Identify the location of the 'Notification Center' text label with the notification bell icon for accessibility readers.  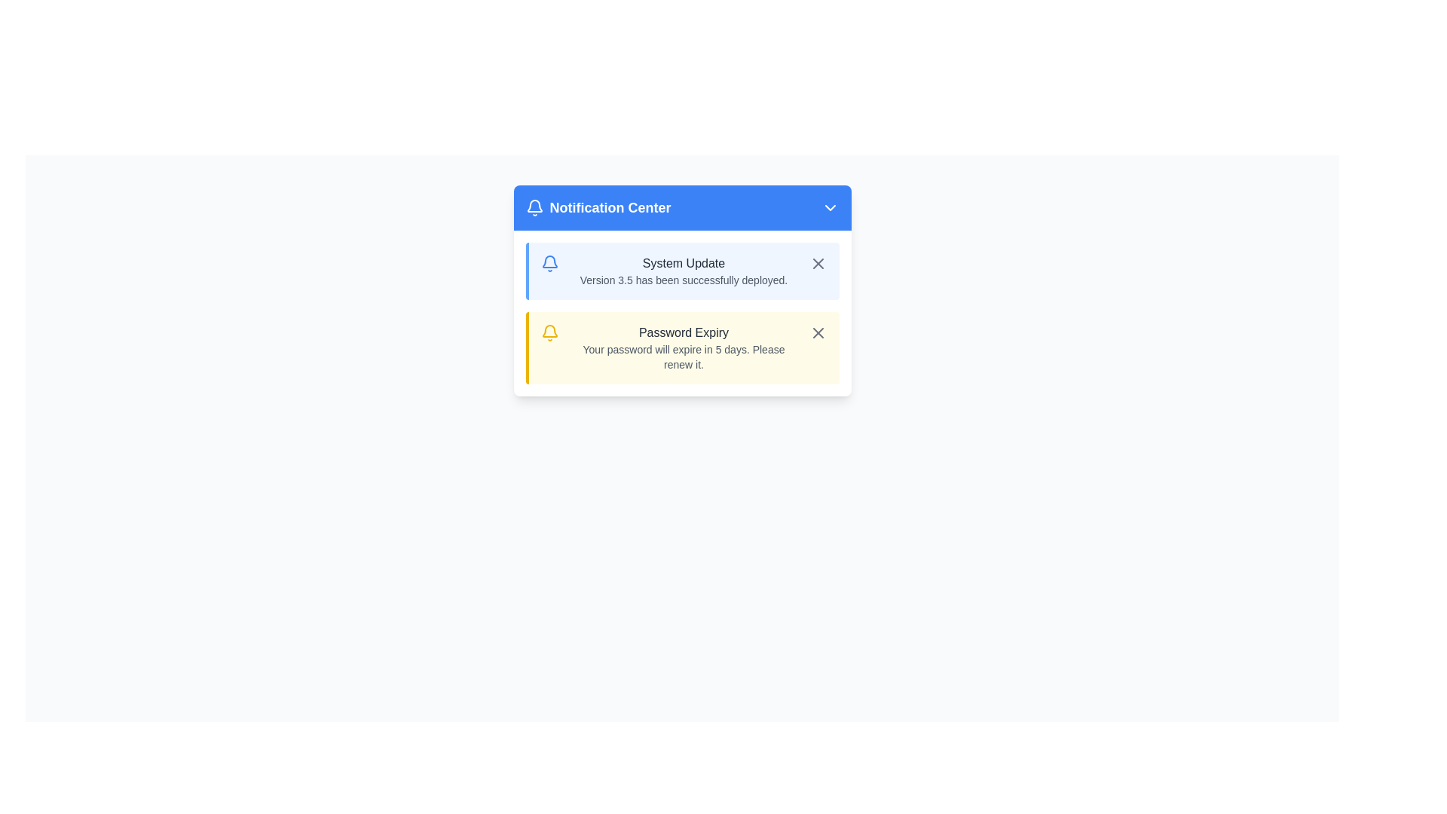
(597, 208).